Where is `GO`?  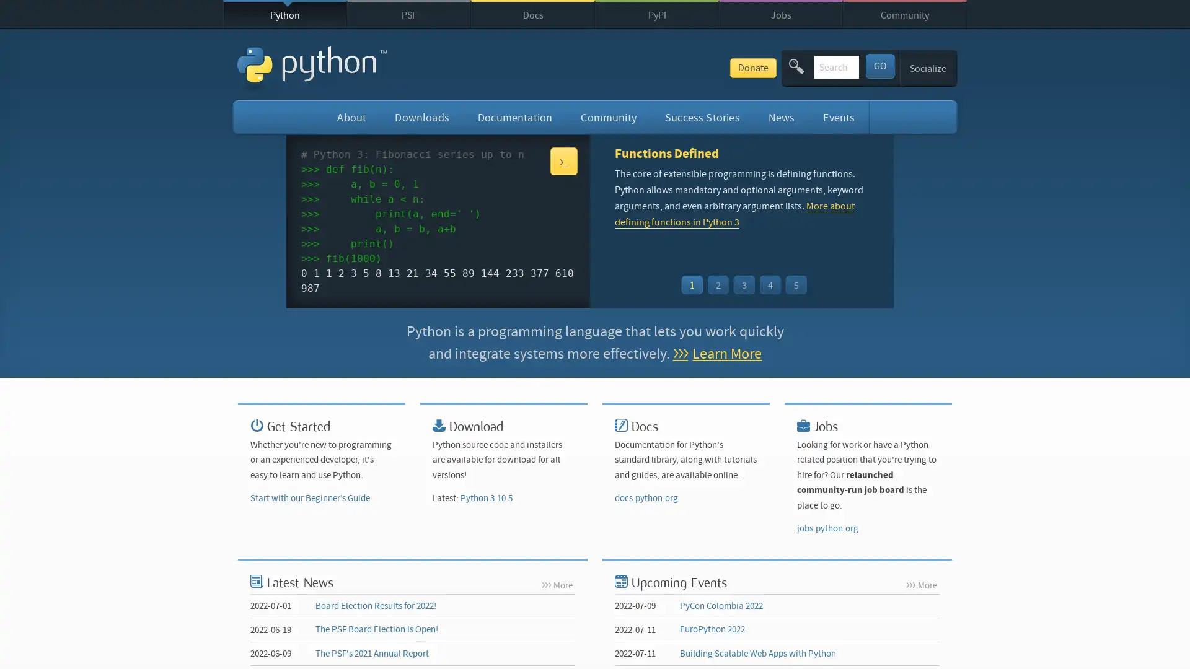 GO is located at coordinates (879, 65).